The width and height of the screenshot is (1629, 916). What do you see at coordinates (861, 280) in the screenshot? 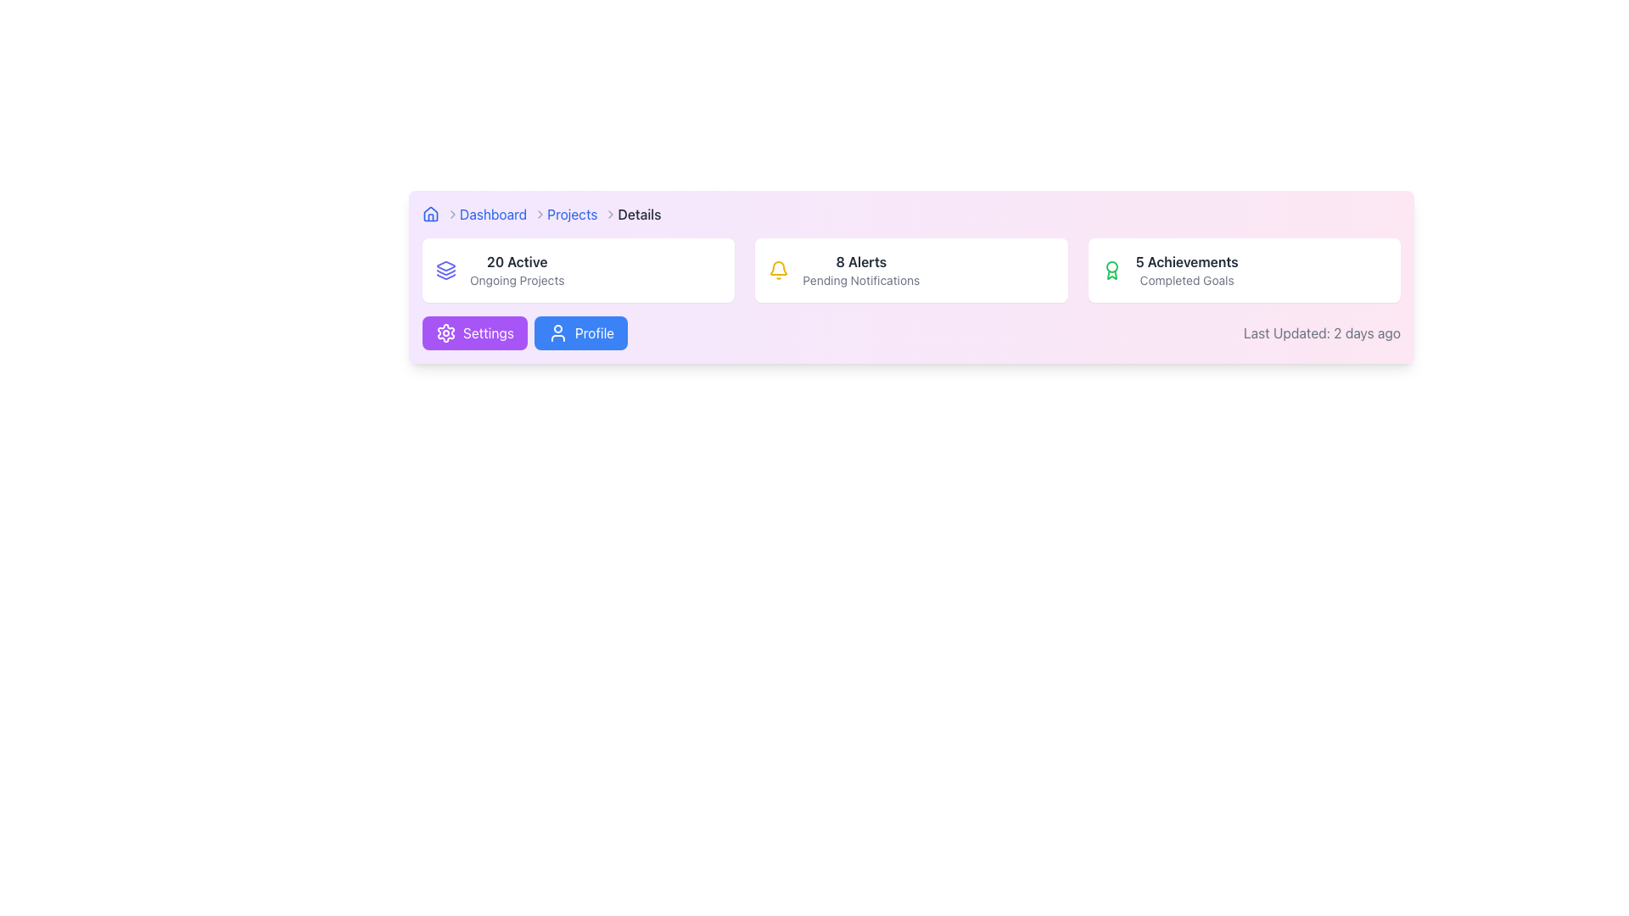
I see `the non-interactive descriptive text label indicating that alerts are currently pending, located beneath the '8 Alerts' element` at bounding box center [861, 280].